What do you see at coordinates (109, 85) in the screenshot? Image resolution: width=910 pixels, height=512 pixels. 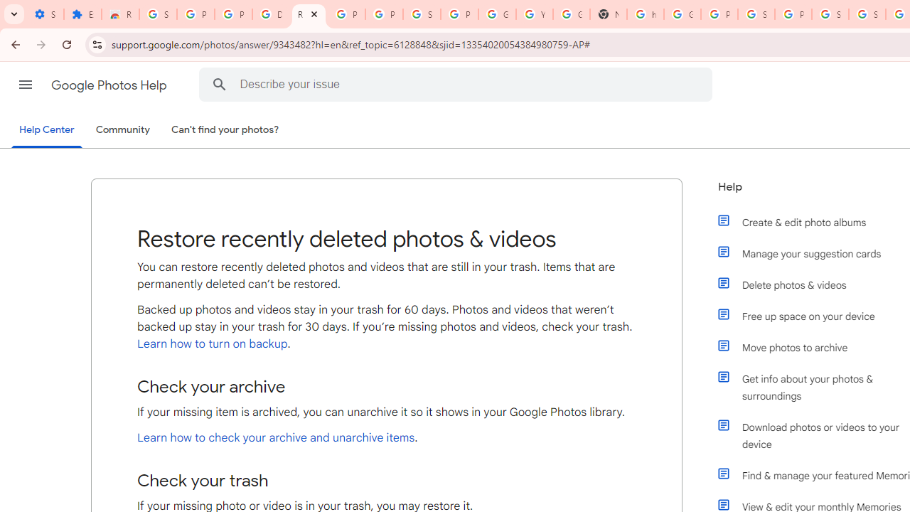 I see `'Google Photos Help'` at bounding box center [109, 85].